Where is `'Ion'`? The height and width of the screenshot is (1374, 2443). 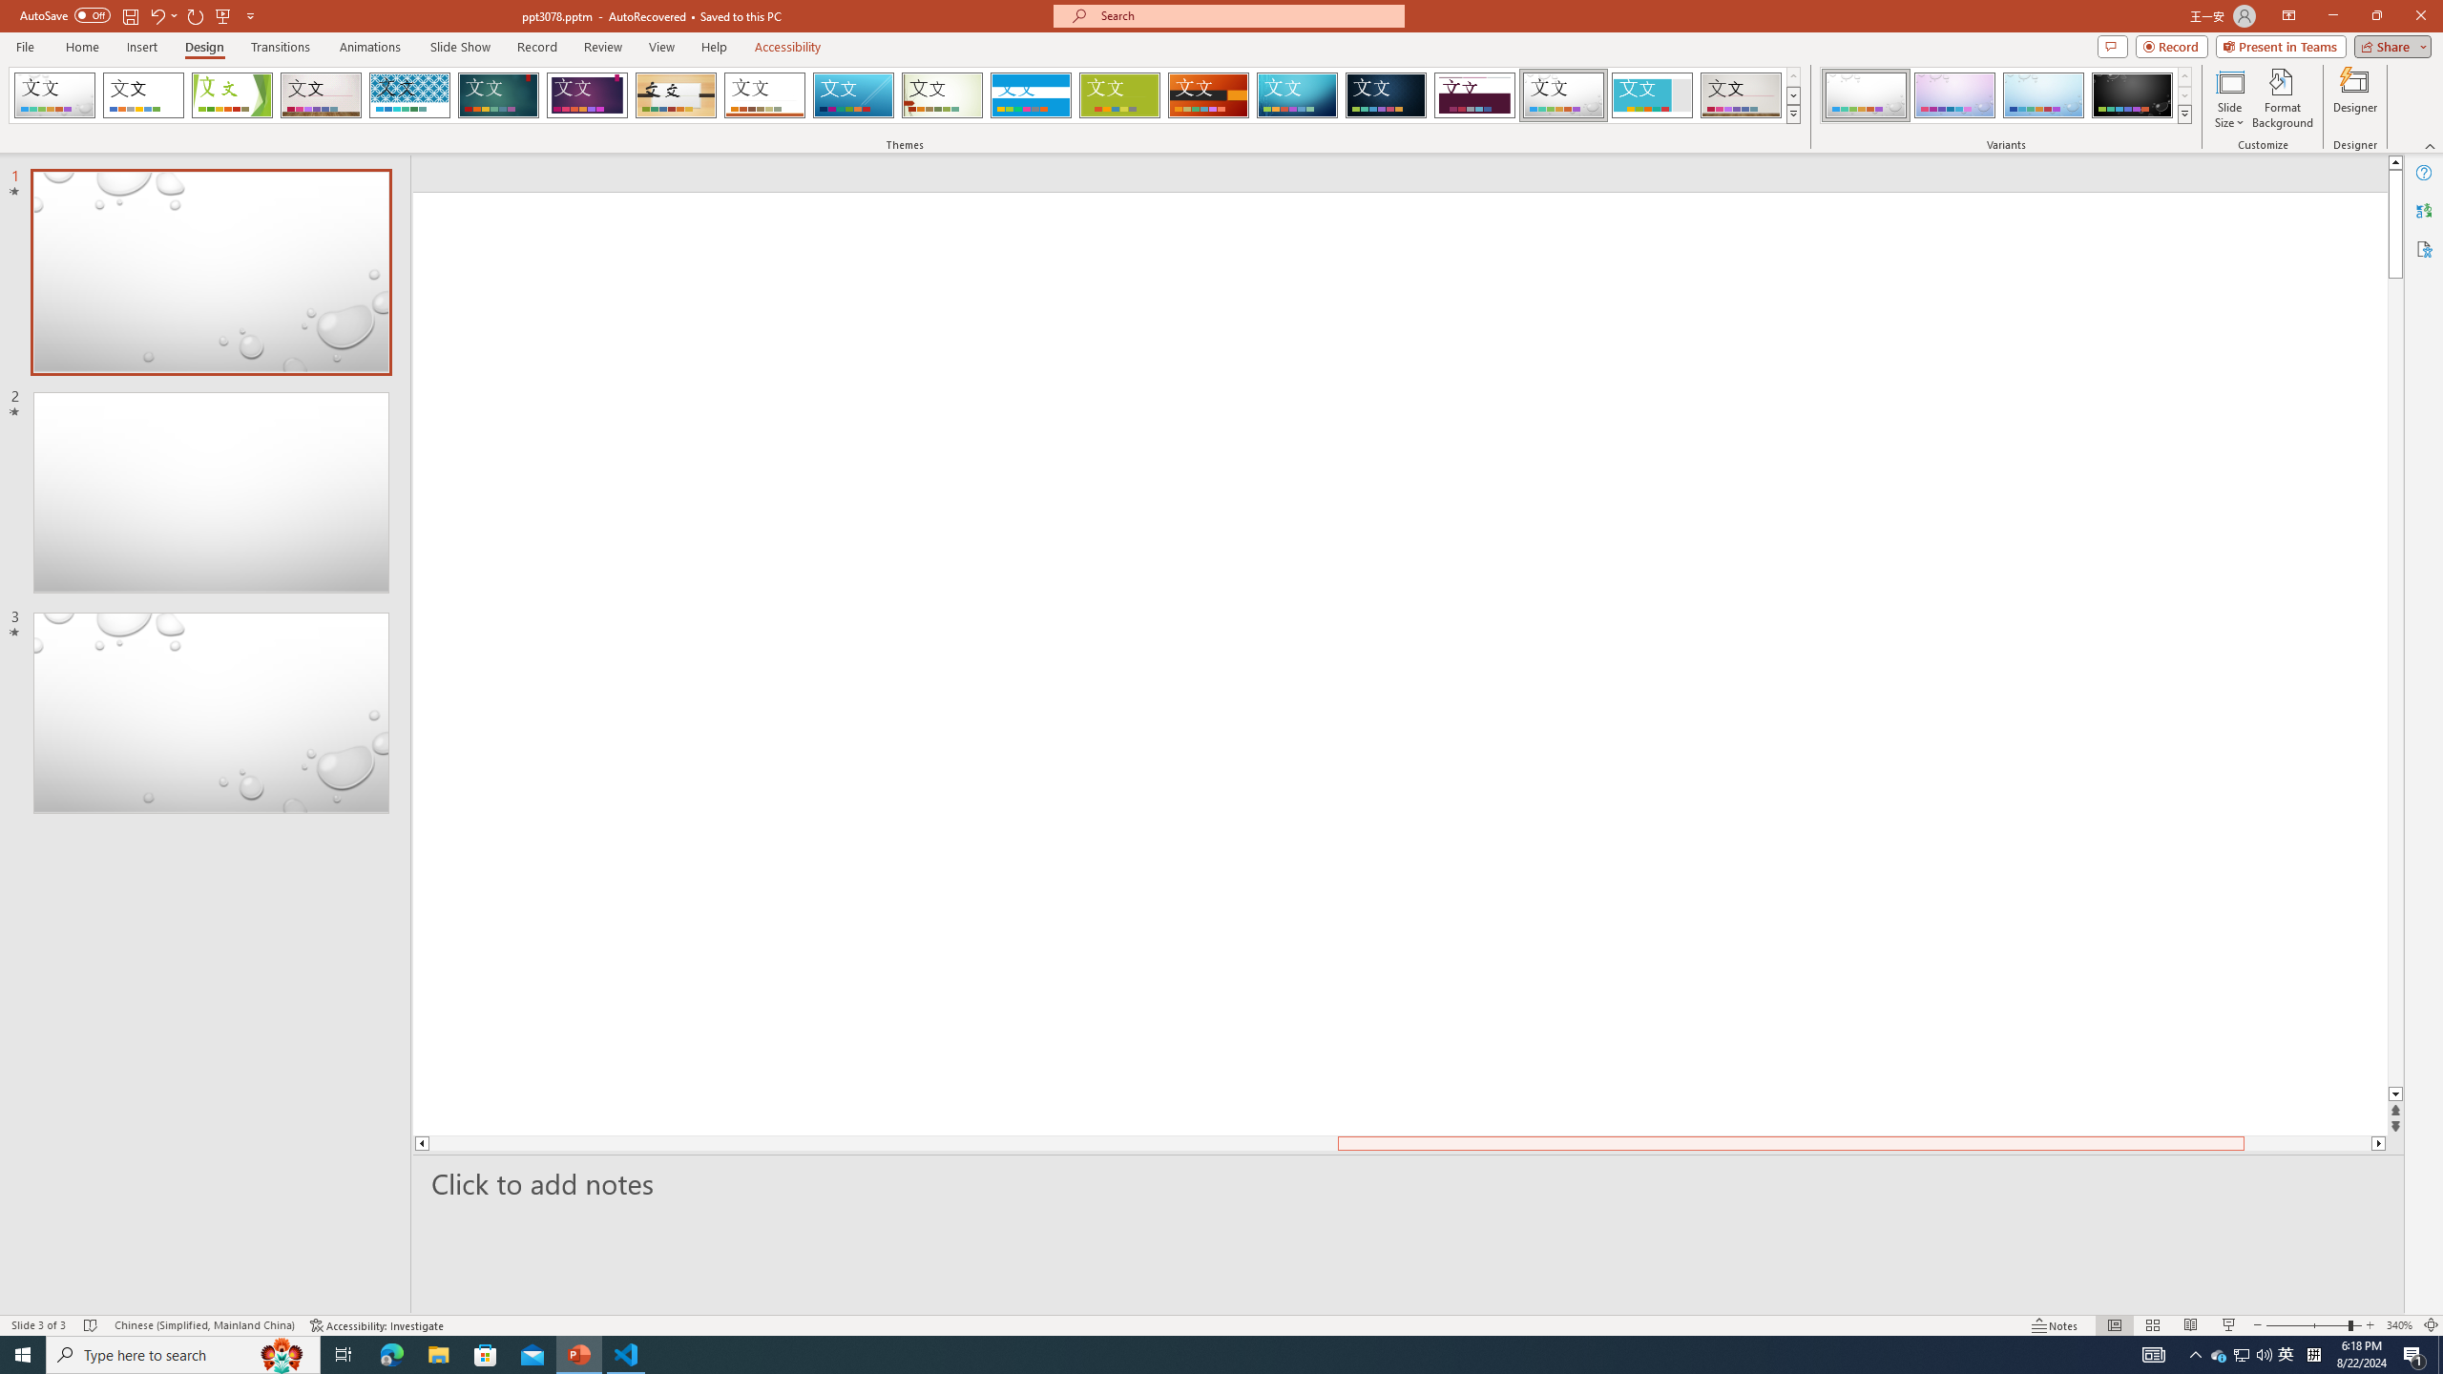 'Ion' is located at coordinates (497, 94).